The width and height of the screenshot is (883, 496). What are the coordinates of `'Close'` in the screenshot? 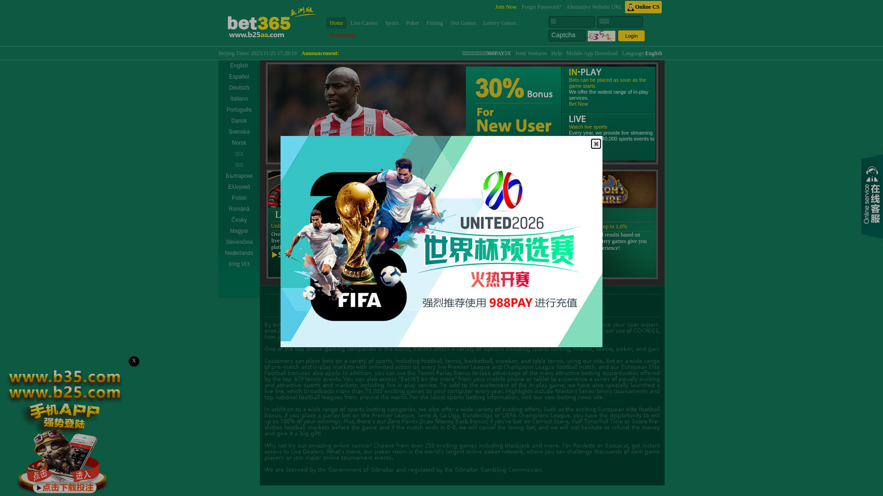 It's located at (596, 143).